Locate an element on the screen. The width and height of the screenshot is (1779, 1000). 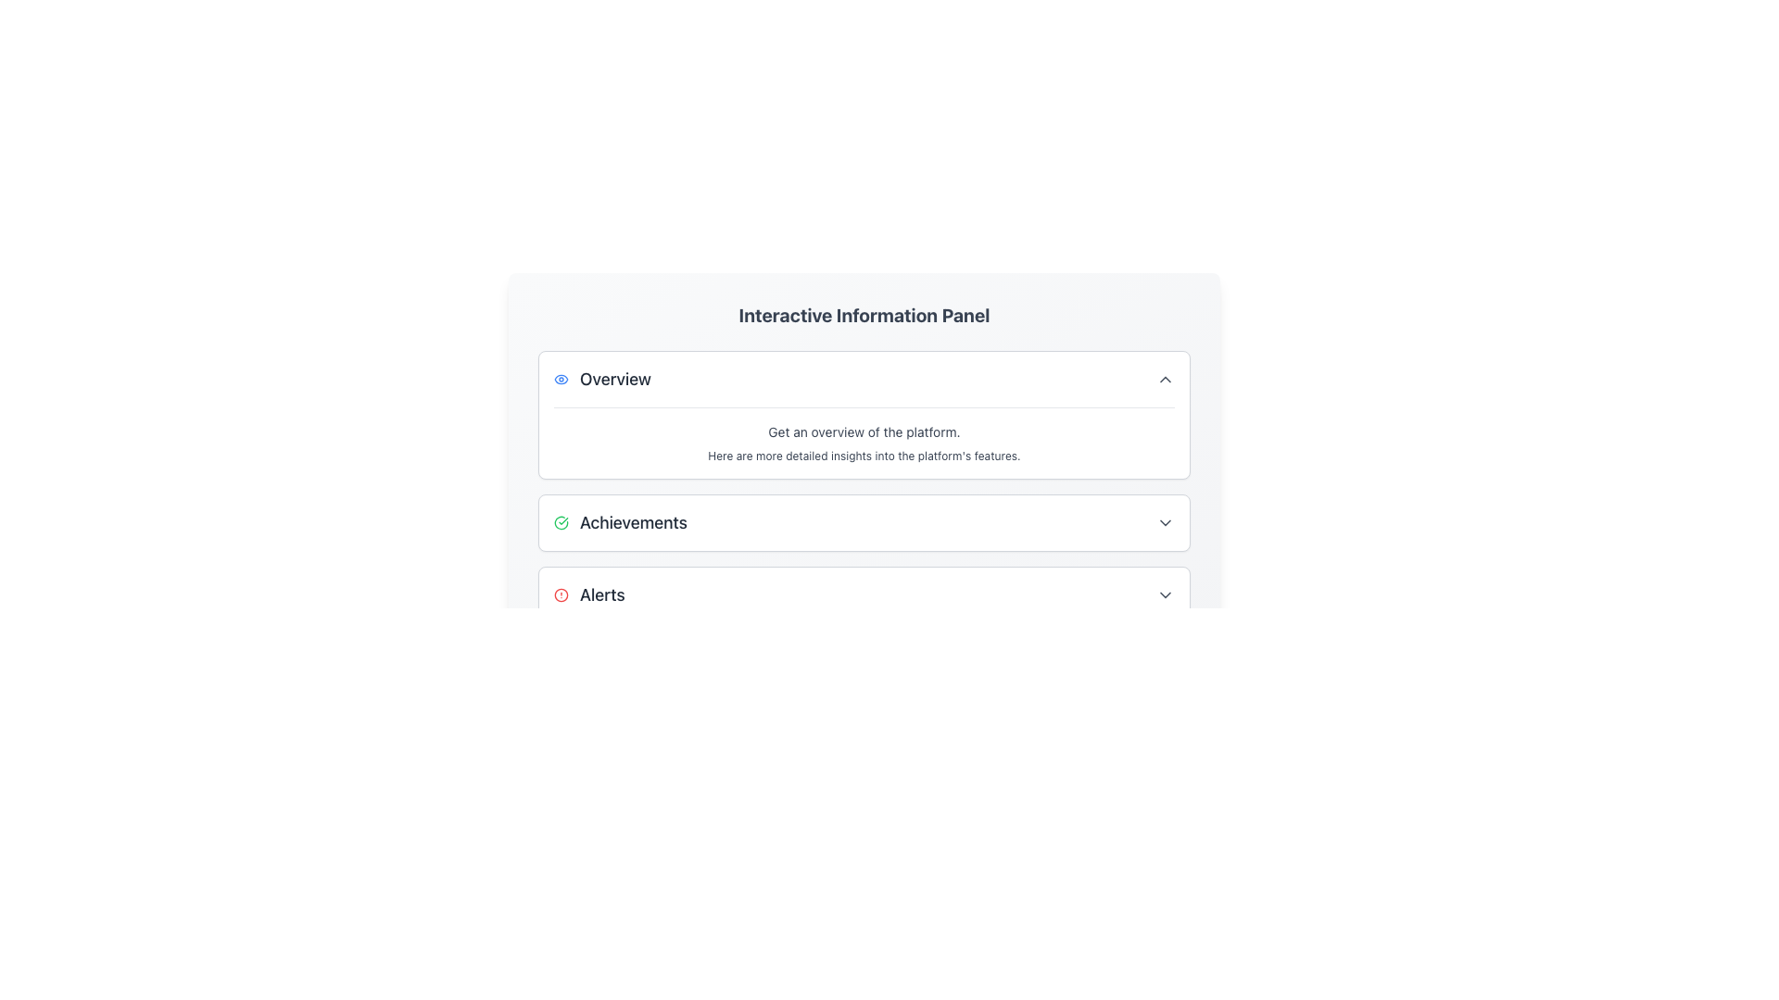
the Dropdown indicator icon (chevron design) located in the top-right corner of the 'Alerts' section is located at coordinates (1164, 595).